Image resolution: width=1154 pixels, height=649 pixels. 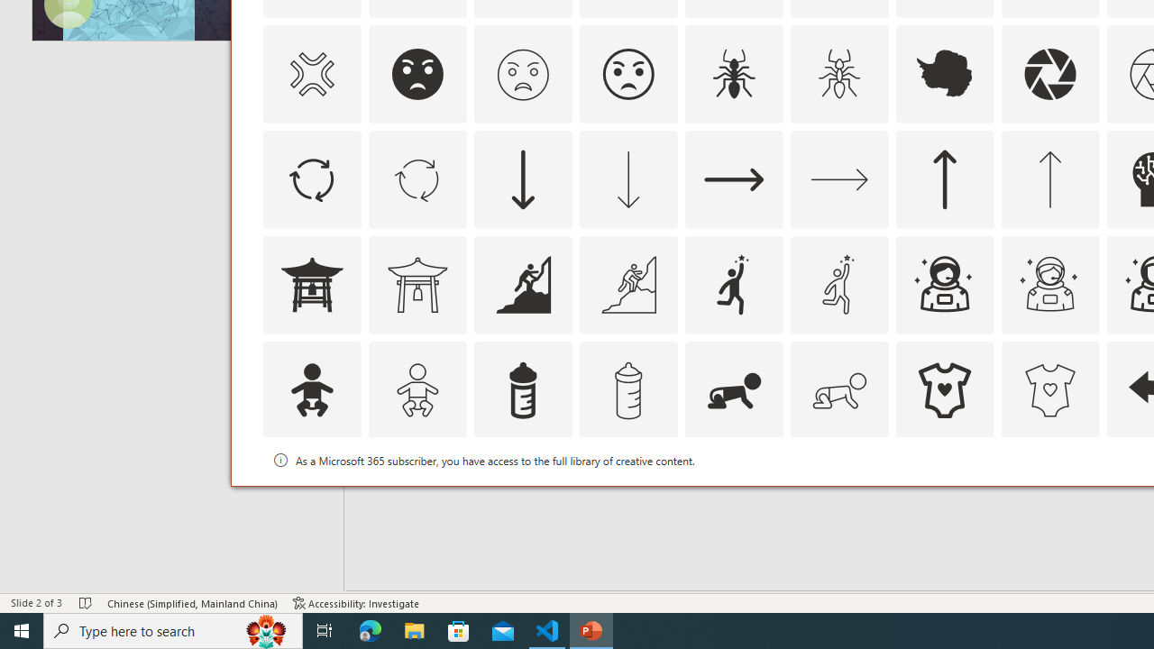 I want to click on 'AutomationID: Icons_Antarctica', so click(x=944, y=73).